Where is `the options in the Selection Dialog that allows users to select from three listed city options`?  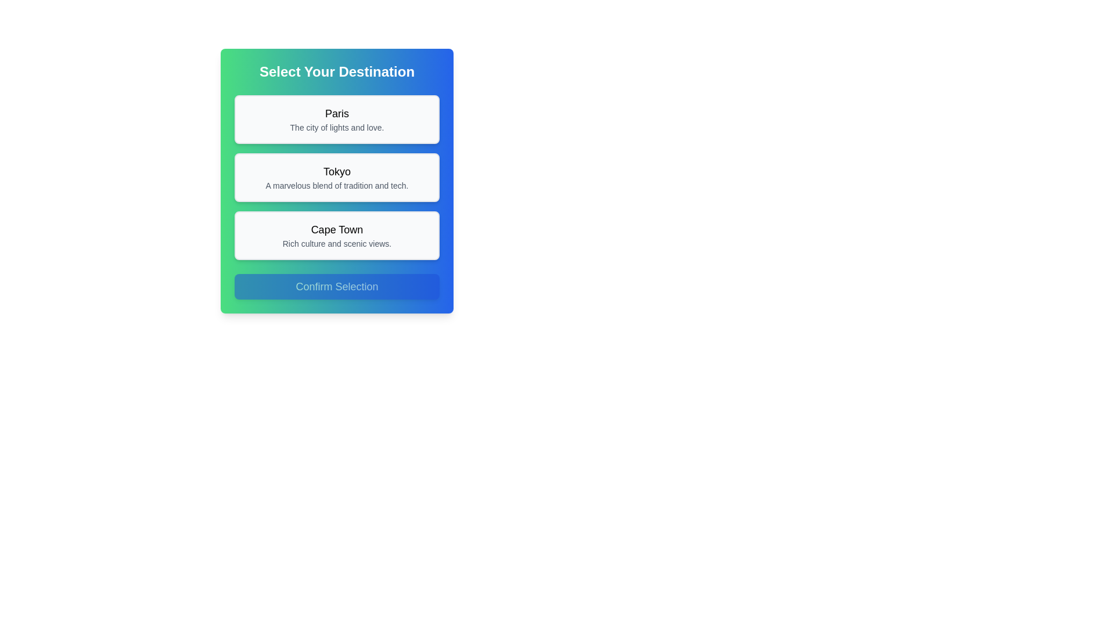 the options in the Selection Dialog that allows users to select from three listed city options is located at coordinates (336, 181).